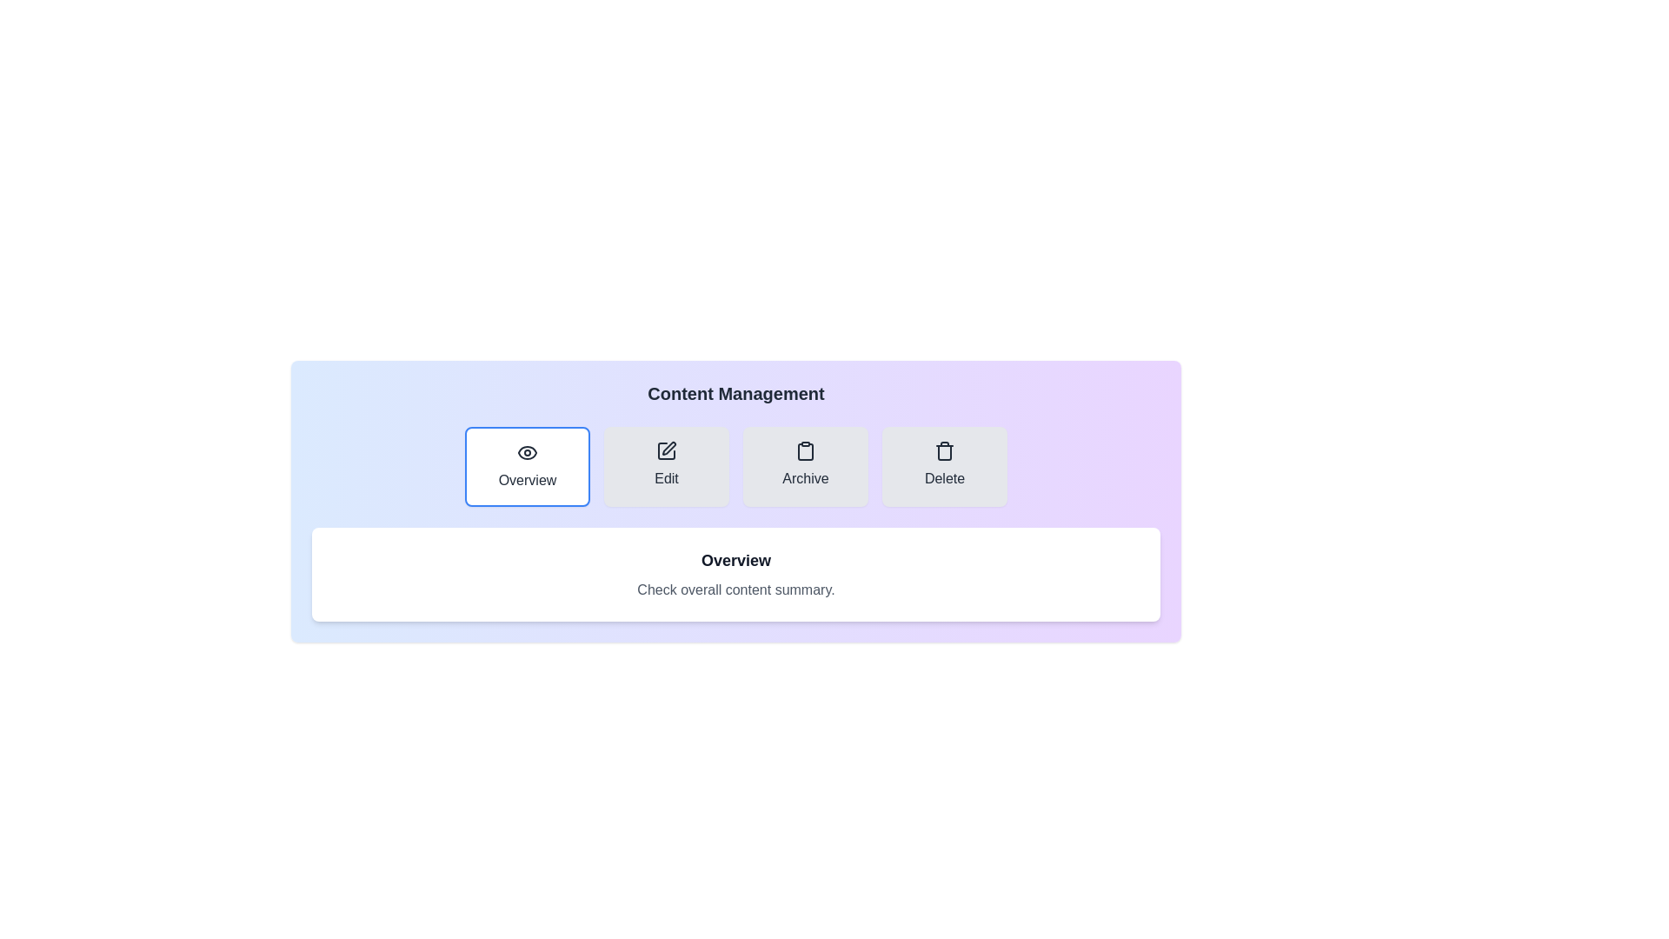  What do you see at coordinates (943, 465) in the screenshot?
I see `the tab labeled Delete to preview its interaction effect` at bounding box center [943, 465].